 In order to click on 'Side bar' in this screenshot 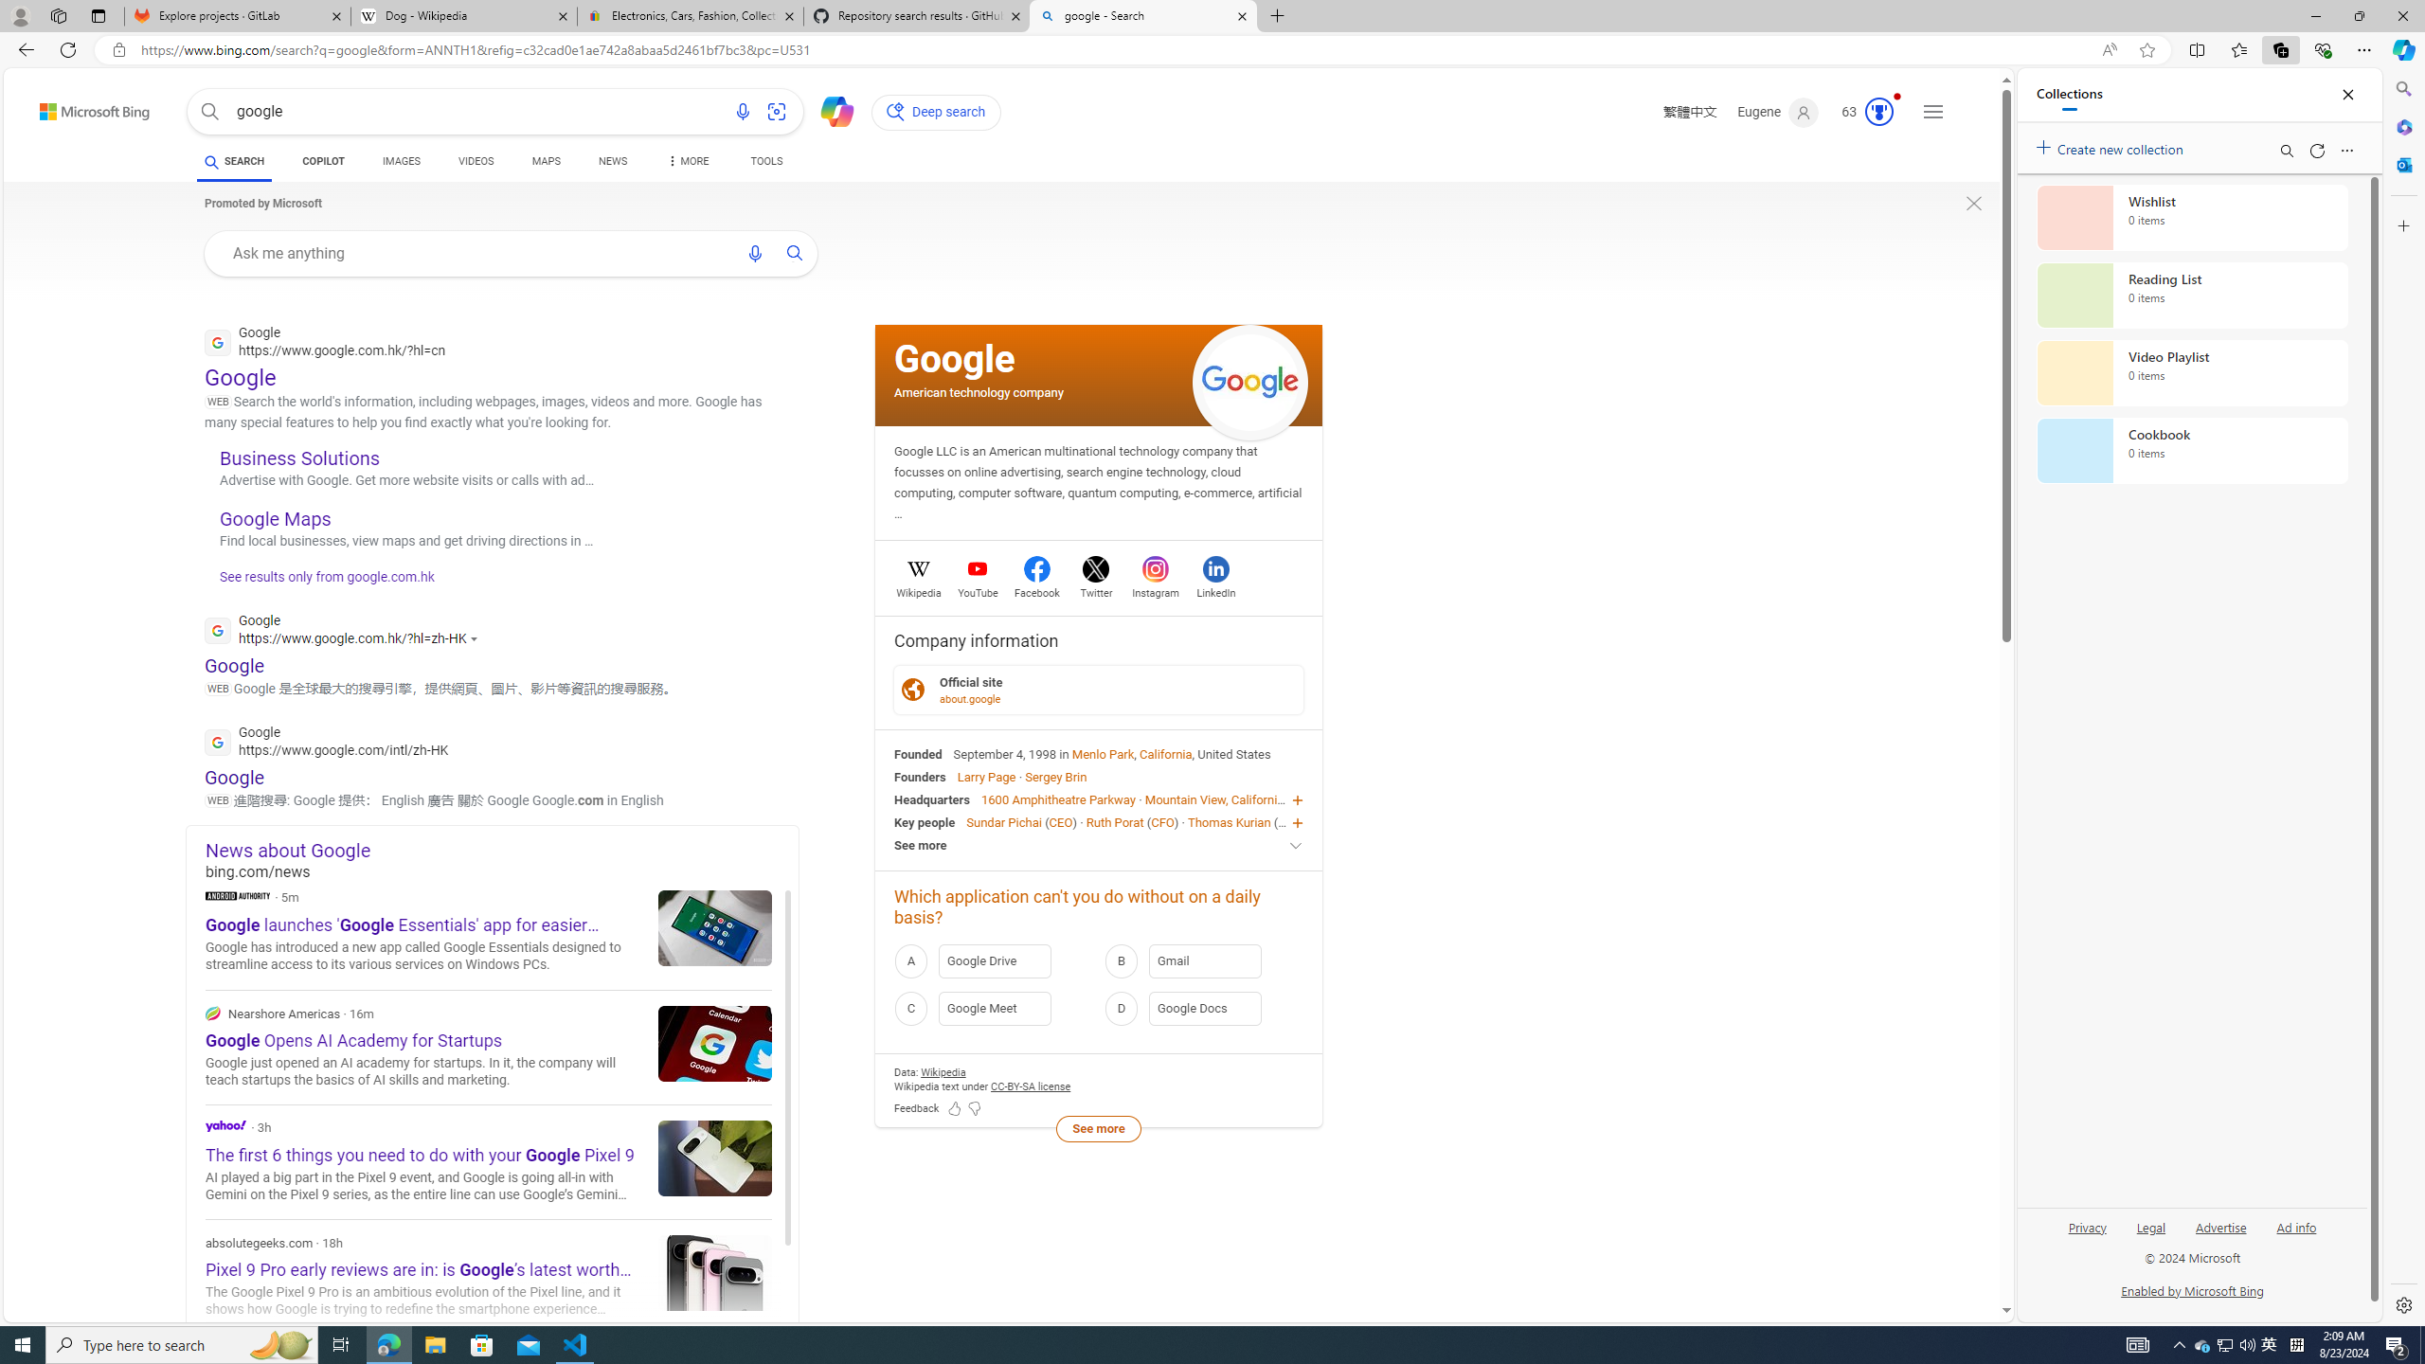, I will do `click(2403, 696)`.